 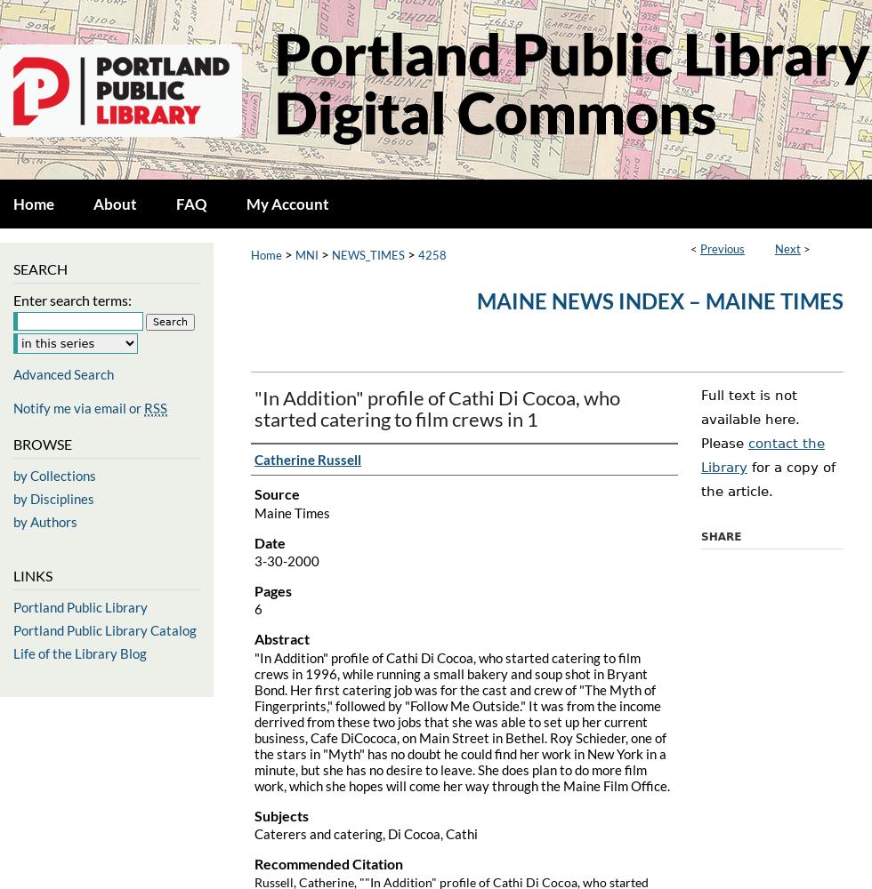 I want to click on 'for a copy of the article.', so click(x=768, y=479).